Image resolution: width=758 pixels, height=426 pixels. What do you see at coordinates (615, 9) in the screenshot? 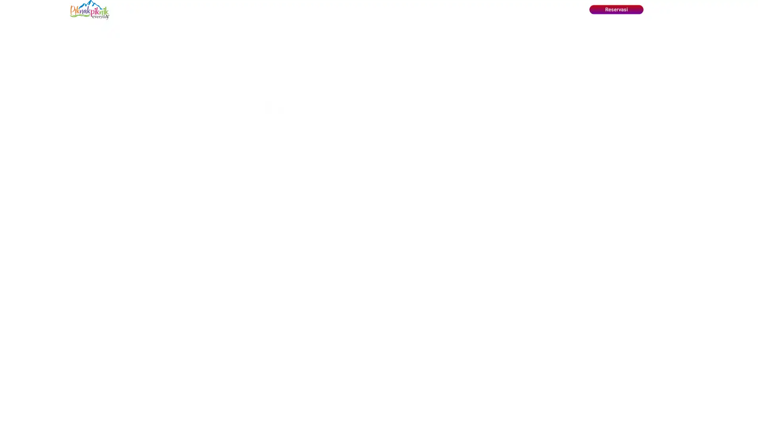
I see `Reservasi` at bounding box center [615, 9].